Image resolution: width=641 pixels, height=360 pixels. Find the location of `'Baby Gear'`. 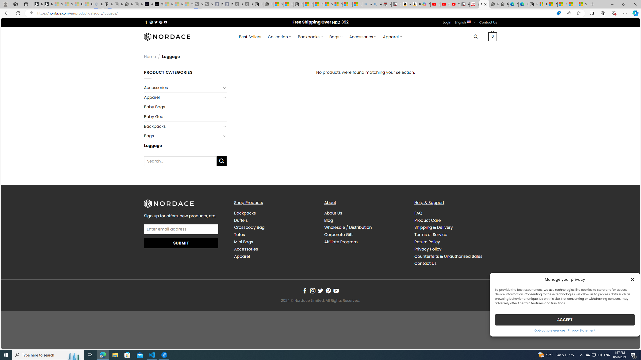

'Baby Gear' is located at coordinates (186, 116).